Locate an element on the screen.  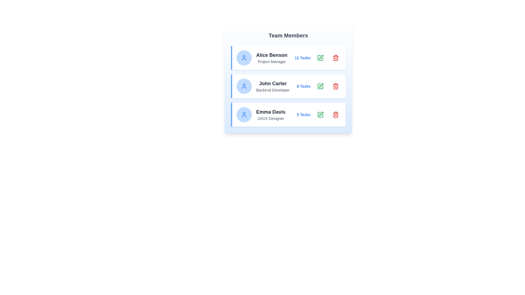
'Edit' button corresponding to the team member Emma Davis is located at coordinates (320, 114).